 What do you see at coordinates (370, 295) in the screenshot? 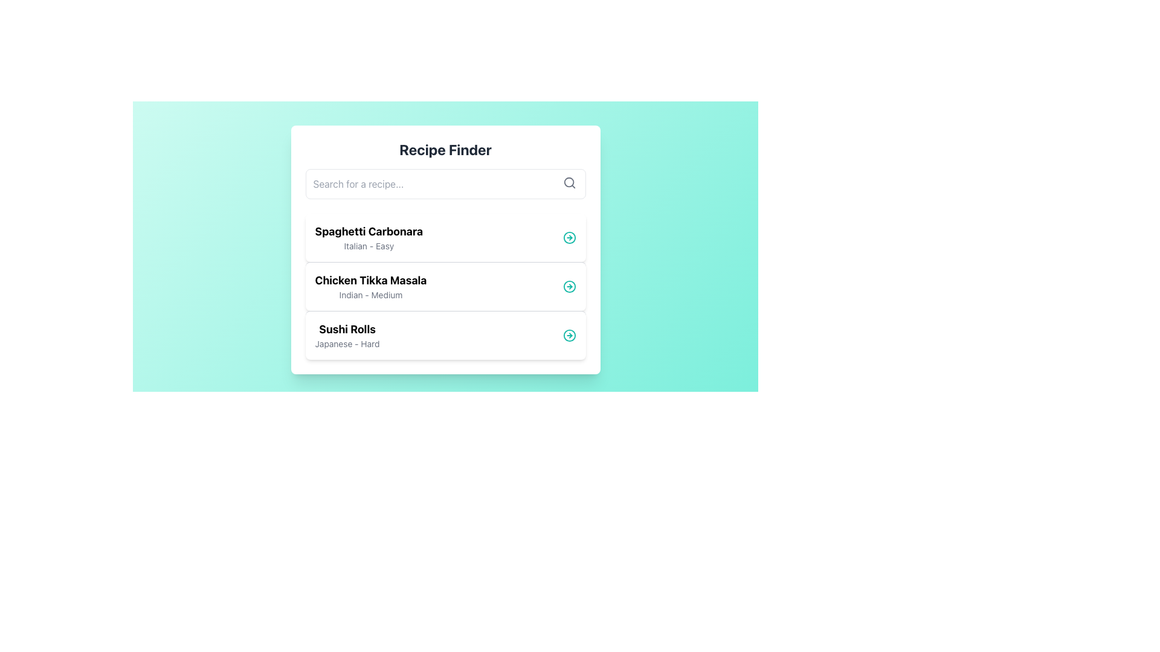
I see `the text label beneath the title 'Chicken Tikka Masala' in the 'Recipe Finder' interface` at bounding box center [370, 295].